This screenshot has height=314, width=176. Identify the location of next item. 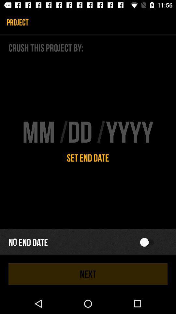
(88, 274).